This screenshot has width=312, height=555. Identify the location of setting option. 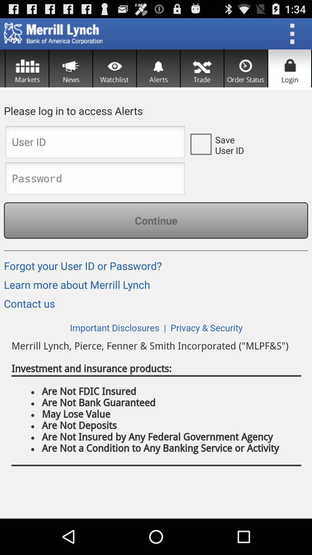
(202, 68).